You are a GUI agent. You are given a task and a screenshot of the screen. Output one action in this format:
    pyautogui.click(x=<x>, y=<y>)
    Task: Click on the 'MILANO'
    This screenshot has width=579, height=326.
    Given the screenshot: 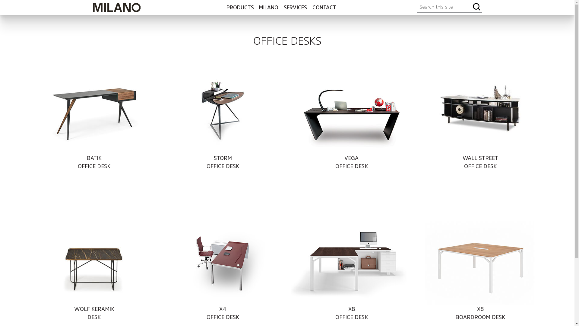 What is the action you would take?
    pyautogui.click(x=268, y=7)
    